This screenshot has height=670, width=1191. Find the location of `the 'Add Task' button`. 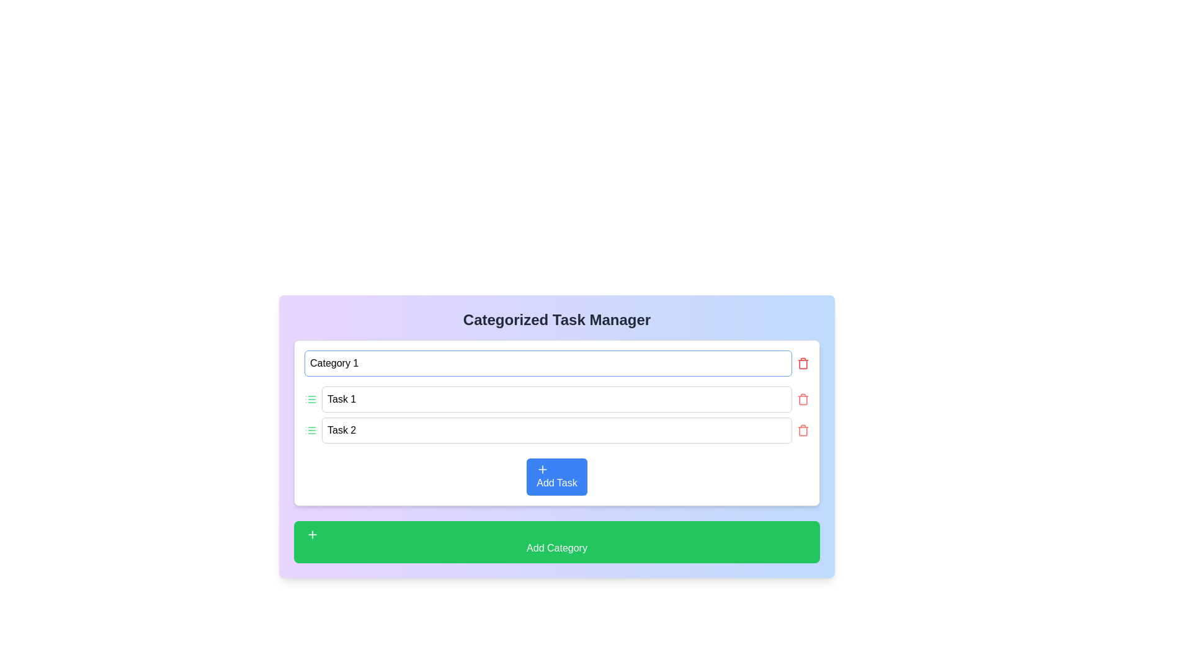

the 'Add Task' button is located at coordinates (543, 469).